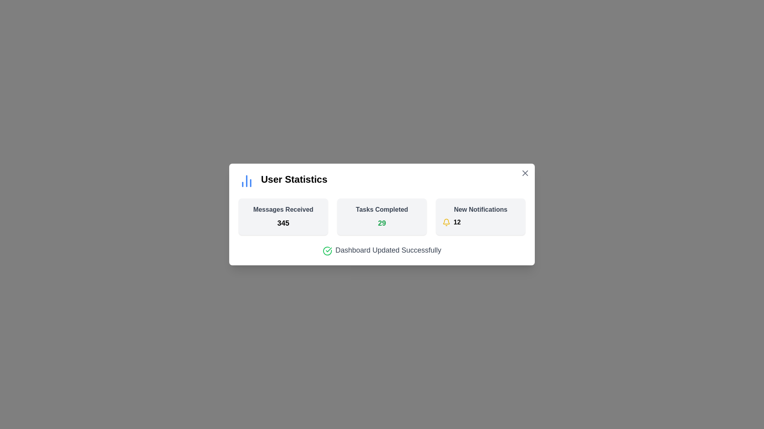  I want to click on the text label displaying 'Dashboard Updated Successfully' which is part of a confirmation message located under 'User Statistics' in a modal window, so click(388, 249).